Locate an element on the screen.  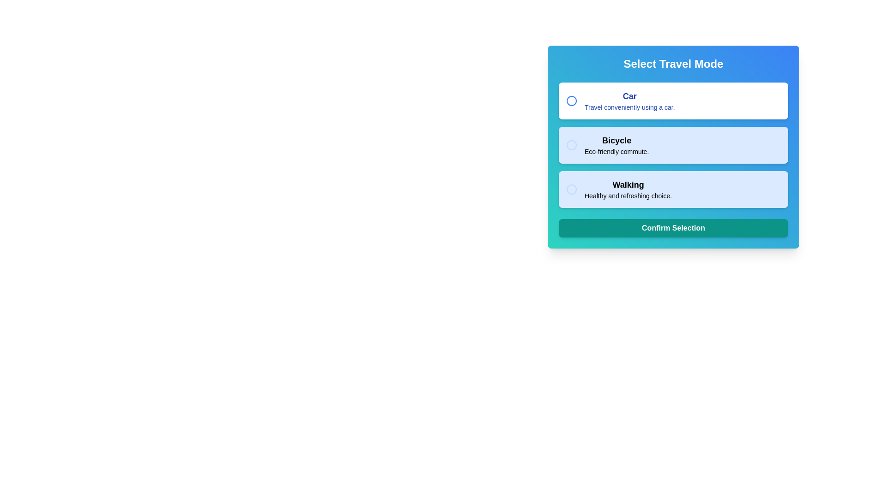
the circular radio button indicator with a blue border and white interior is located at coordinates (571, 101).